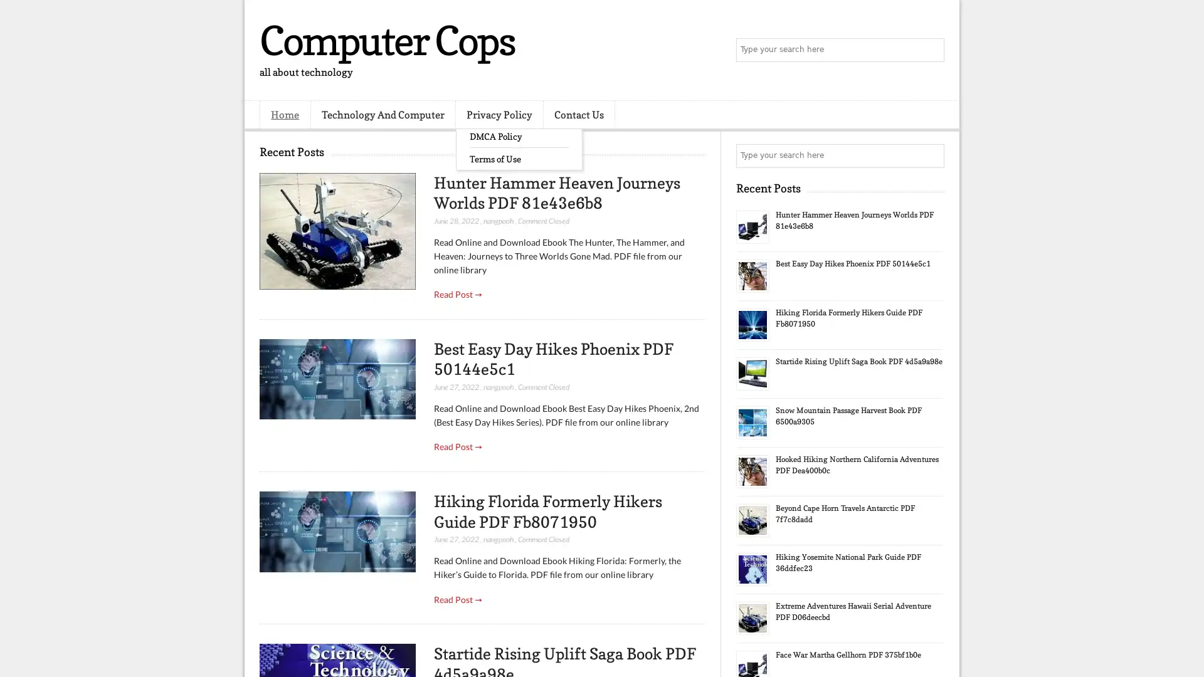 The width and height of the screenshot is (1204, 677). Describe the element at coordinates (931, 50) in the screenshot. I see `Search` at that location.